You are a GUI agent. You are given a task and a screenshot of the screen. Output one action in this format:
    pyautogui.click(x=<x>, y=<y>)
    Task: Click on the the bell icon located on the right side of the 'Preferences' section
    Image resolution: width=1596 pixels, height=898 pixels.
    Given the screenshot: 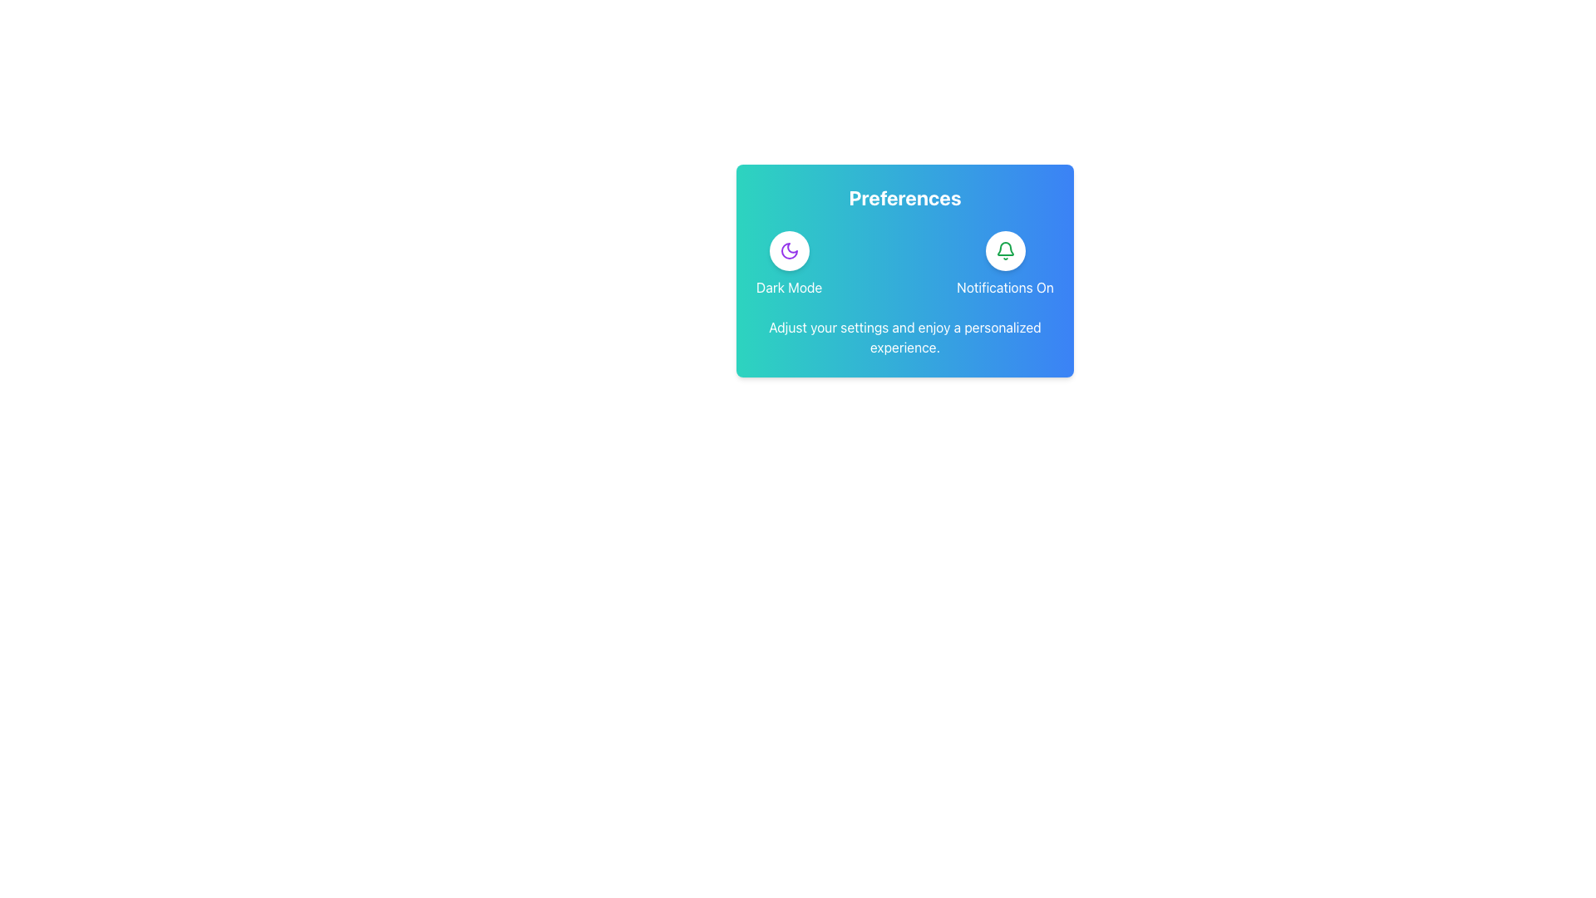 What is the action you would take?
    pyautogui.click(x=1004, y=250)
    